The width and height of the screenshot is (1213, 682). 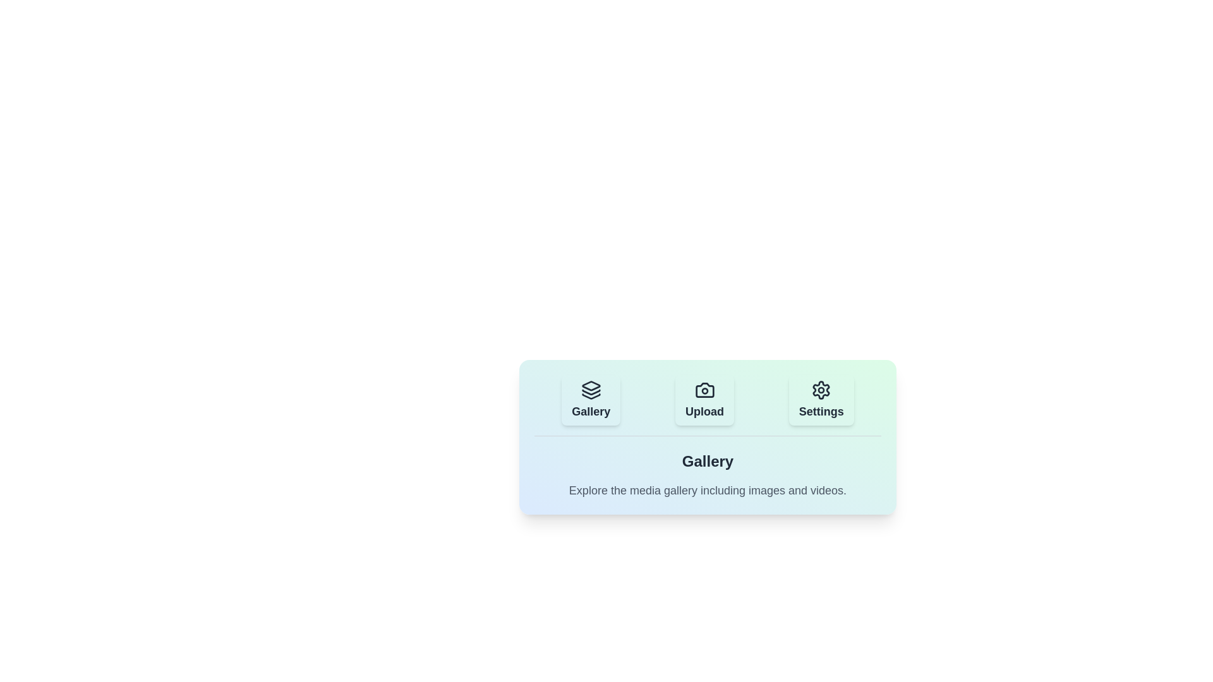 I want to click on the Upload tab to navigate to its content, so click(x=704, y=400).